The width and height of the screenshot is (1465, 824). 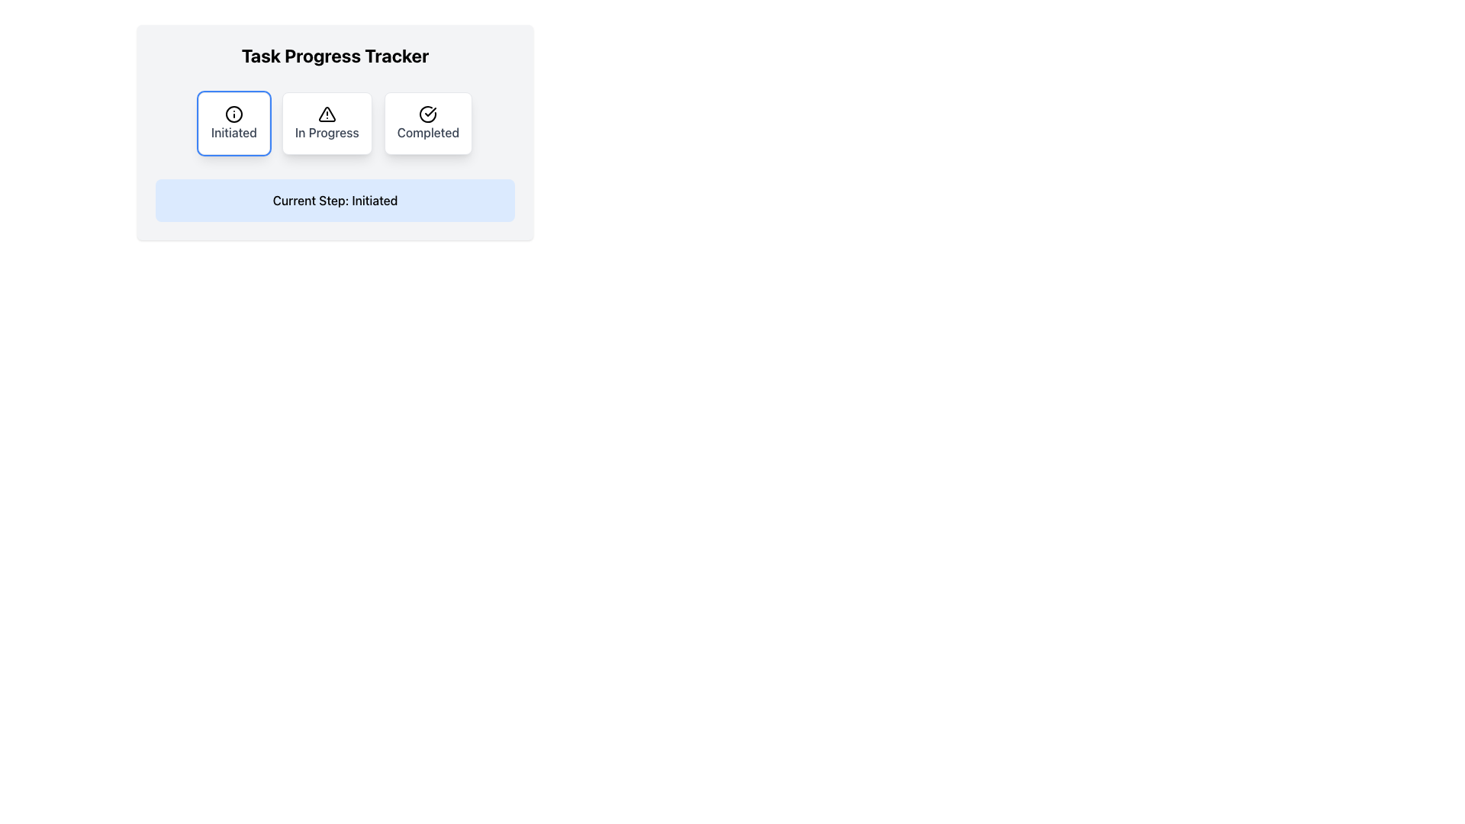 I want to click on the completion status icon positioned to the right of three status indicators in the 'Task Progress Tracker' interface, directly above the text 'Completed', so click(x=427, y=114).